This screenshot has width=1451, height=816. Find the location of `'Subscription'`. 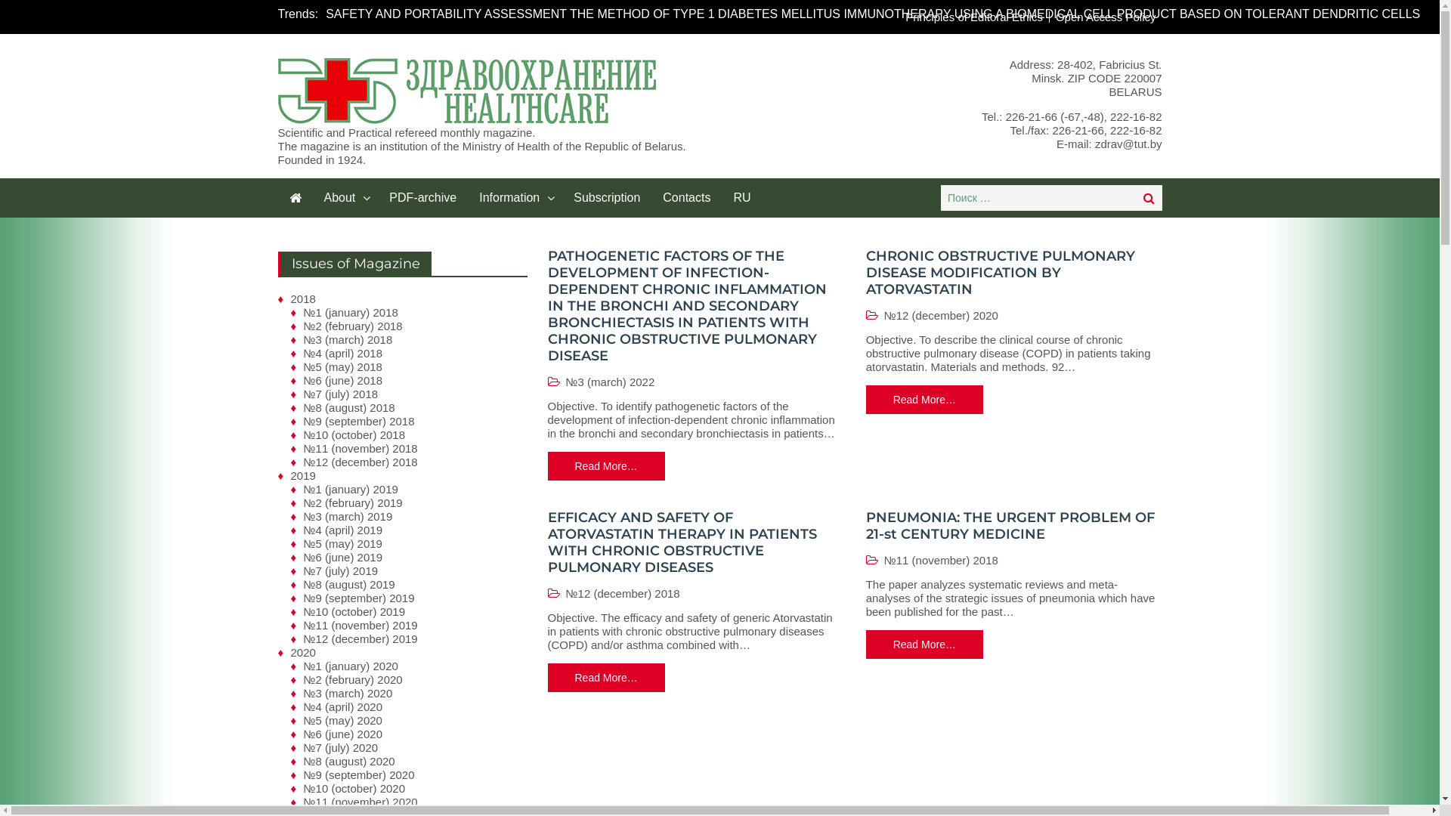

'Subscription' is located at coordinates (562, 197).